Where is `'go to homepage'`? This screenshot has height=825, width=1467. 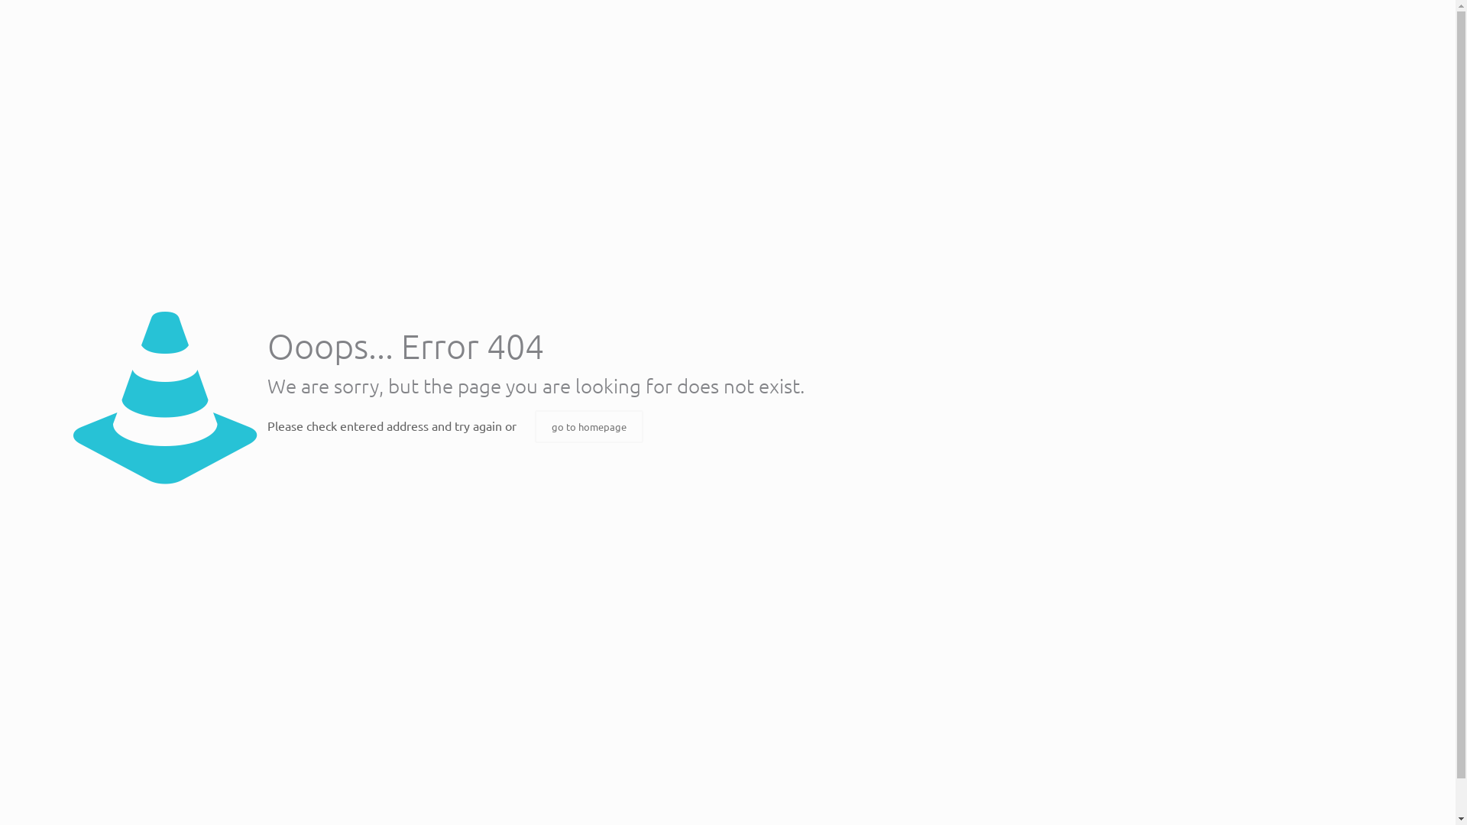 'go to homepage' is located at coordinates (588, 426).